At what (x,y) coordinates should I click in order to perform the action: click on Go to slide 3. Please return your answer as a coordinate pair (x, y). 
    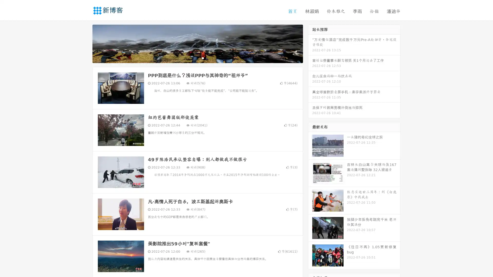
    Looking at the image, I should click on (203, 58).